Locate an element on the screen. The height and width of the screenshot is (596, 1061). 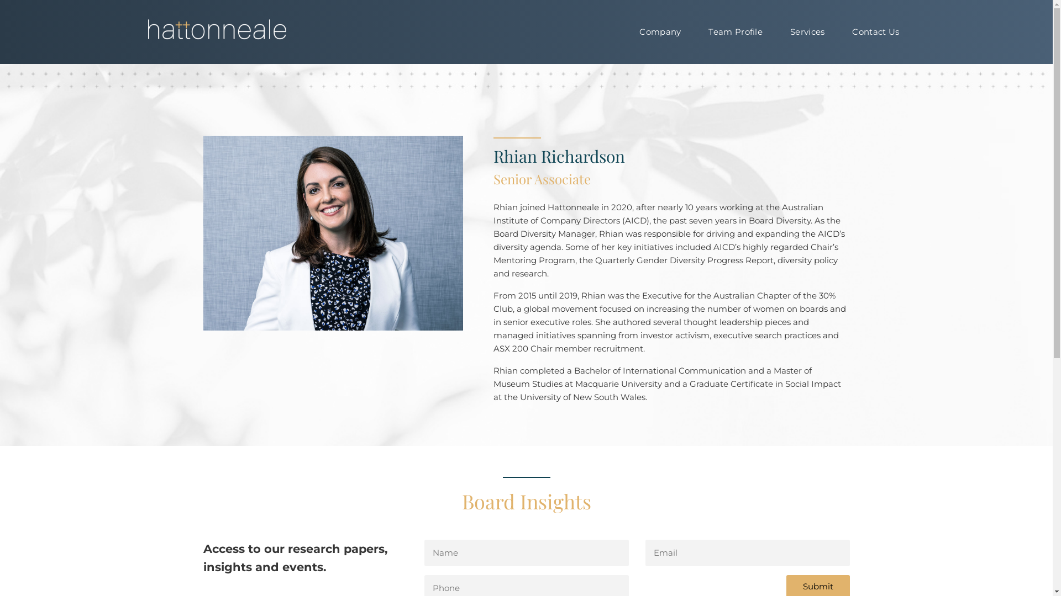
'Company' is located at coordinates (660, 31).